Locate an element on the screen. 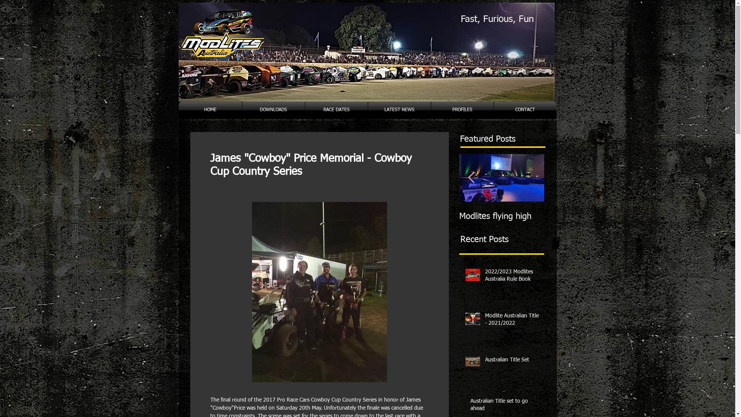 The image size is (741, 417). 'RACE DATES' is located at coordinates (336, 110).